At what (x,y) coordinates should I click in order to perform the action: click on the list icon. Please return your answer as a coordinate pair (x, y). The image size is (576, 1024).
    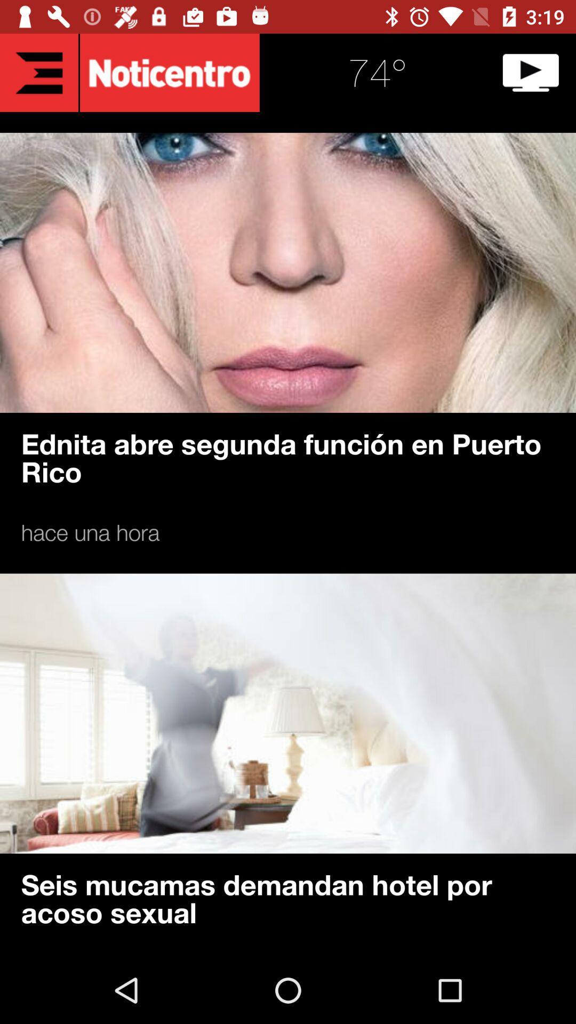
    Looking at the image, I should click on (38, 72).